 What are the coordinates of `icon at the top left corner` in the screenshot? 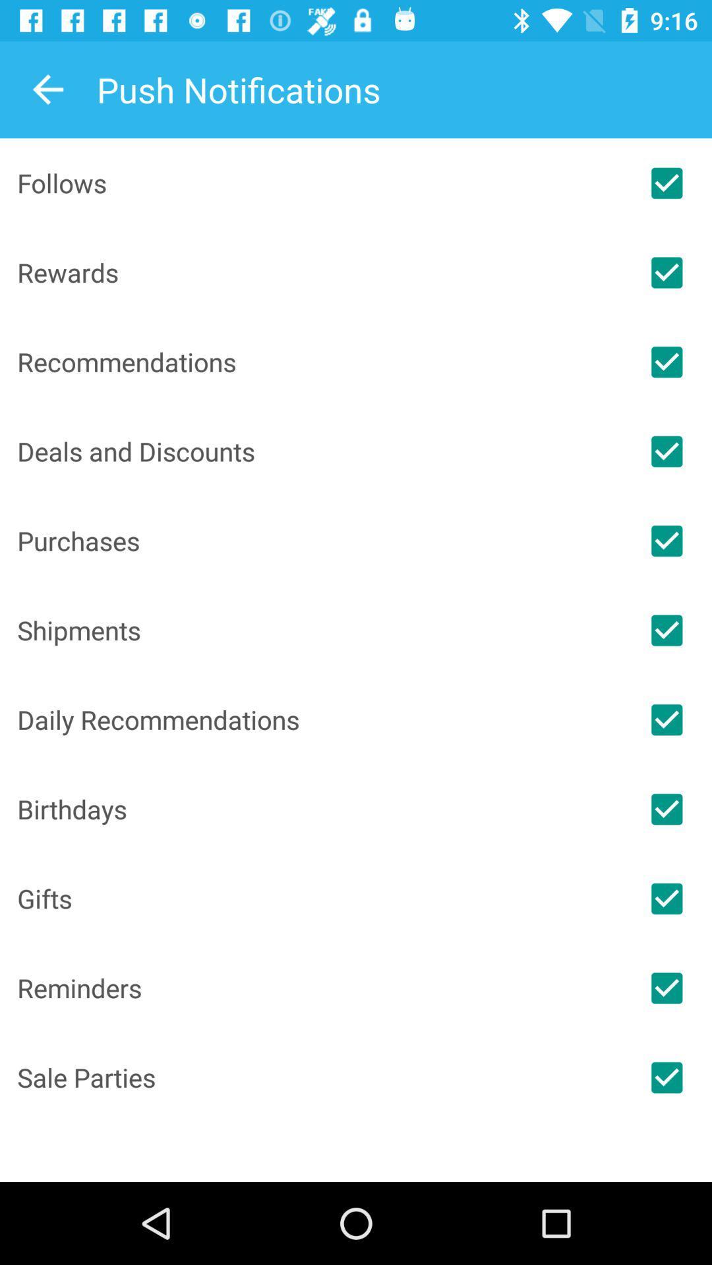 It's located at (47, 89).